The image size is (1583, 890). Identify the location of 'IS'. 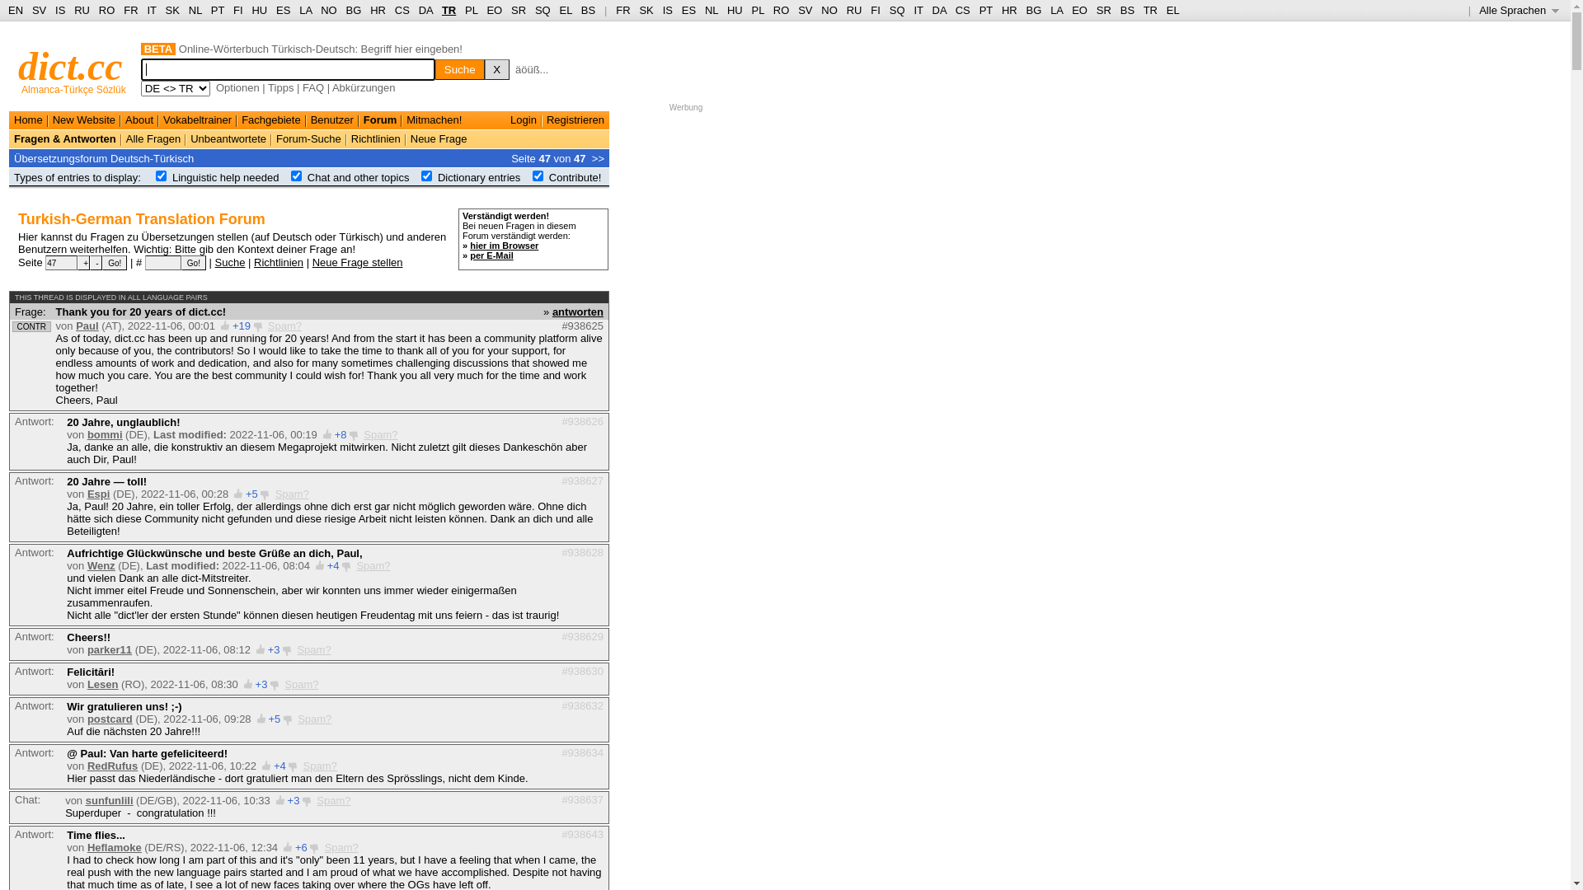
(59, 10).